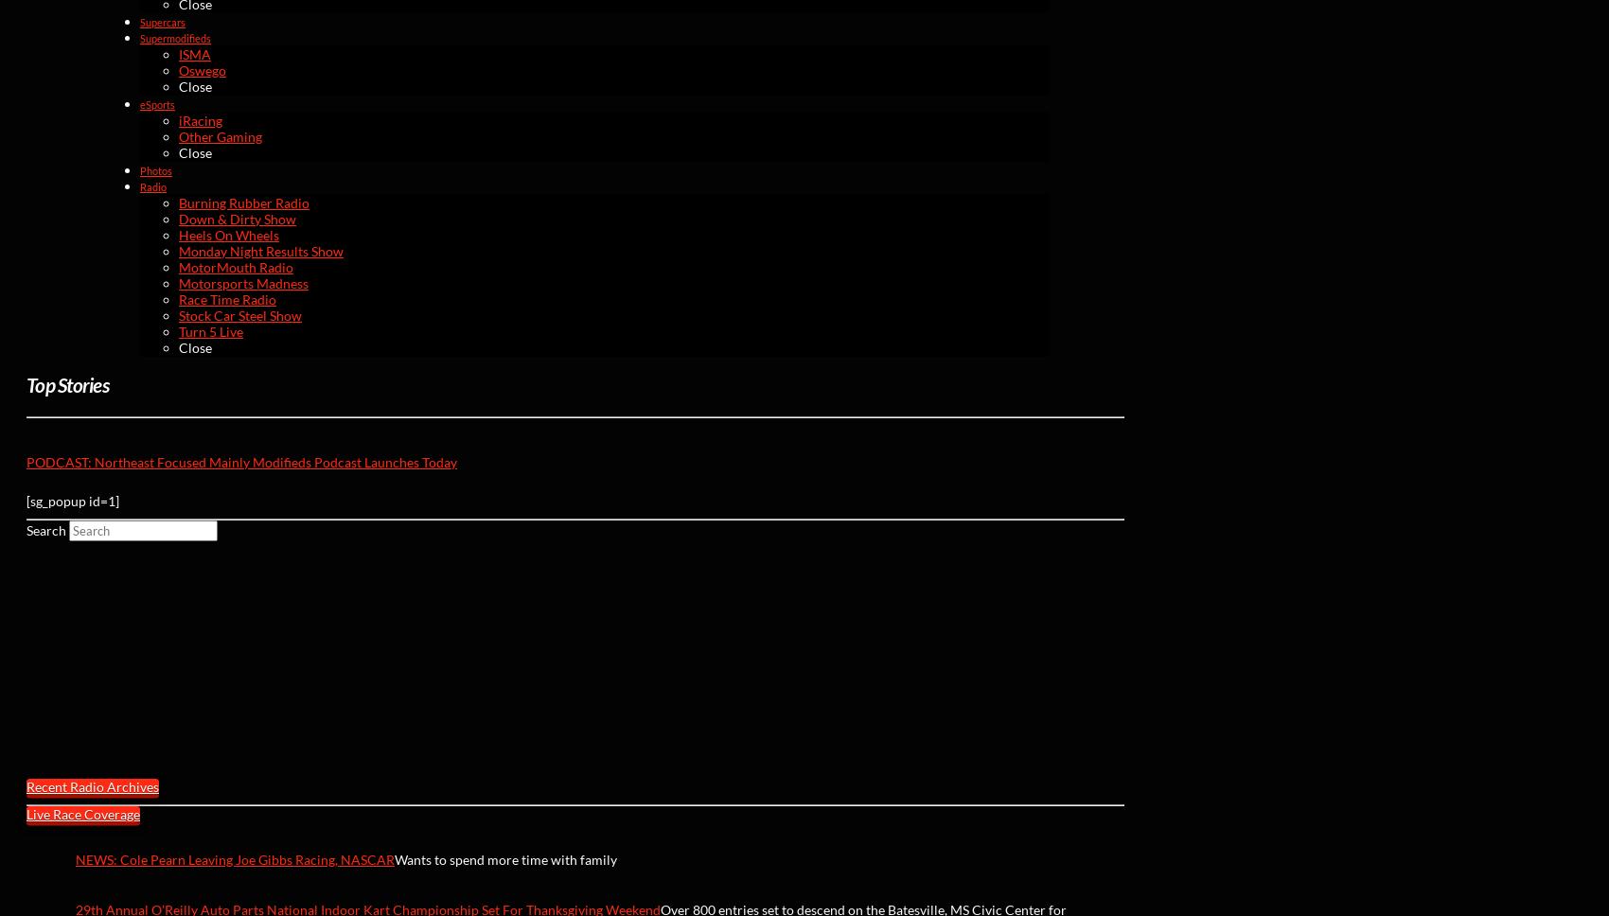  What do you see at coordinates (237, 217) in the screenshot?
I see `'Down & Dirty Show'` at bounding box center [237, 217].